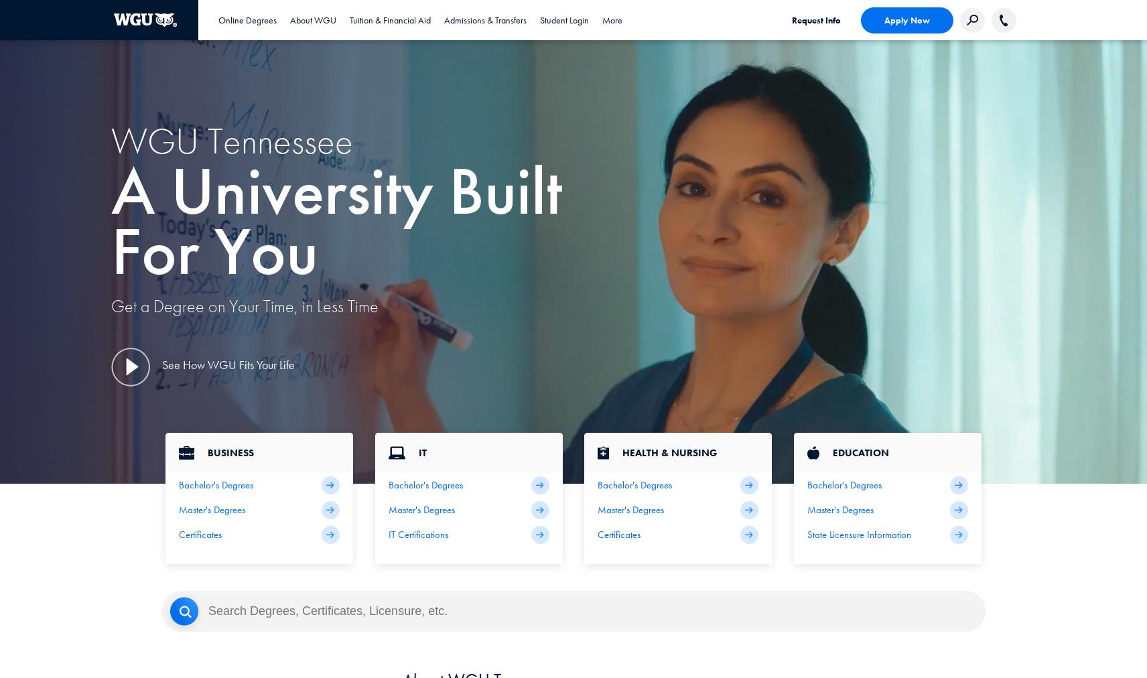  What do you see at coordinates (389, 19) in the screenshot?
I see `'Tuition & Financial Aid'` at bounding box center [389, 19].